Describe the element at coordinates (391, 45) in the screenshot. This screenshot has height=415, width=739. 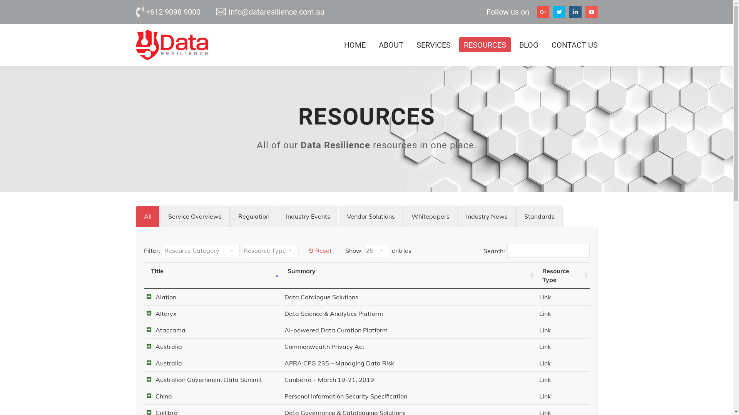
I see `'ABOUT'` at that location.